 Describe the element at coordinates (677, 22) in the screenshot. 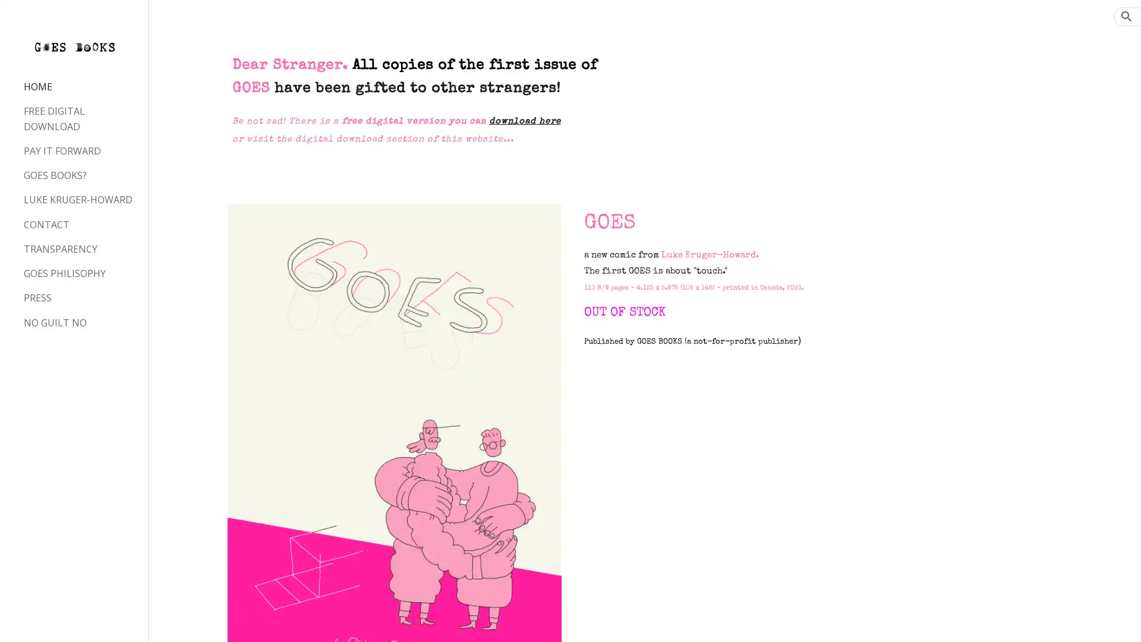

I see `Skip to navigation` at that location.